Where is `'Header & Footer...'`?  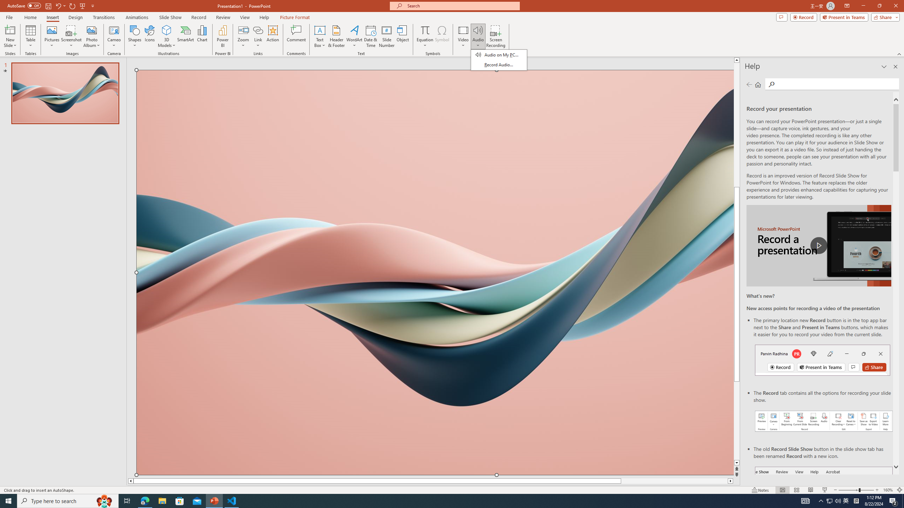 'Header & Footer...' is located at coordinates (336, 36).